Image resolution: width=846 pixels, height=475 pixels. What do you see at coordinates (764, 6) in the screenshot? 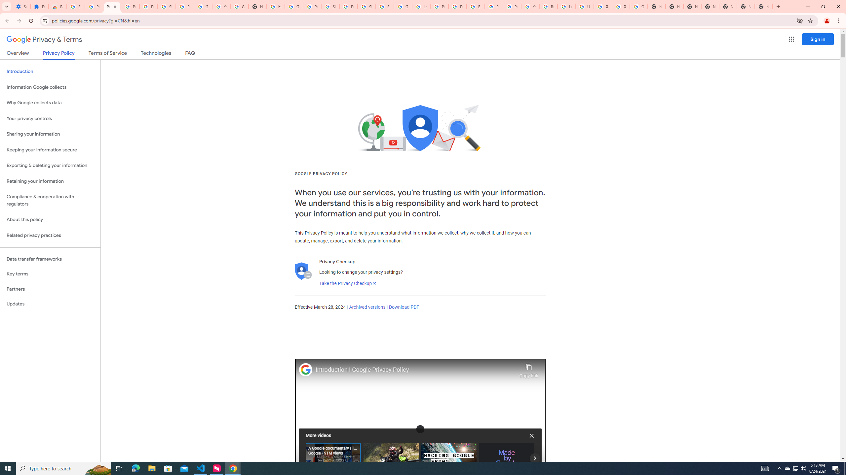
I see `'New Tab'` at bounding box center [764, 6].